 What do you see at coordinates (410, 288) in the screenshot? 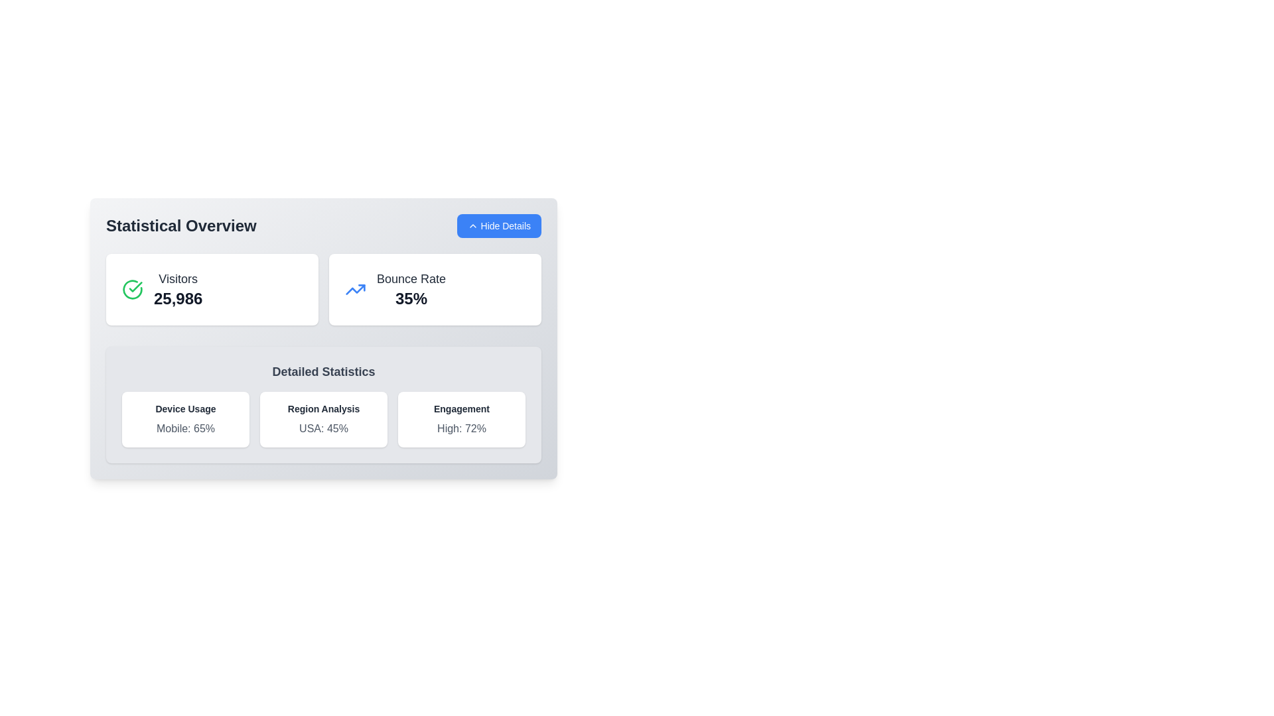
I see `the 'Bounce Rate' textual information block, which displays 'Bounce Rate' in medium gray and '35%' in larger bold dark font inside a white card with rounded corners` at bounding box center [410, 288].